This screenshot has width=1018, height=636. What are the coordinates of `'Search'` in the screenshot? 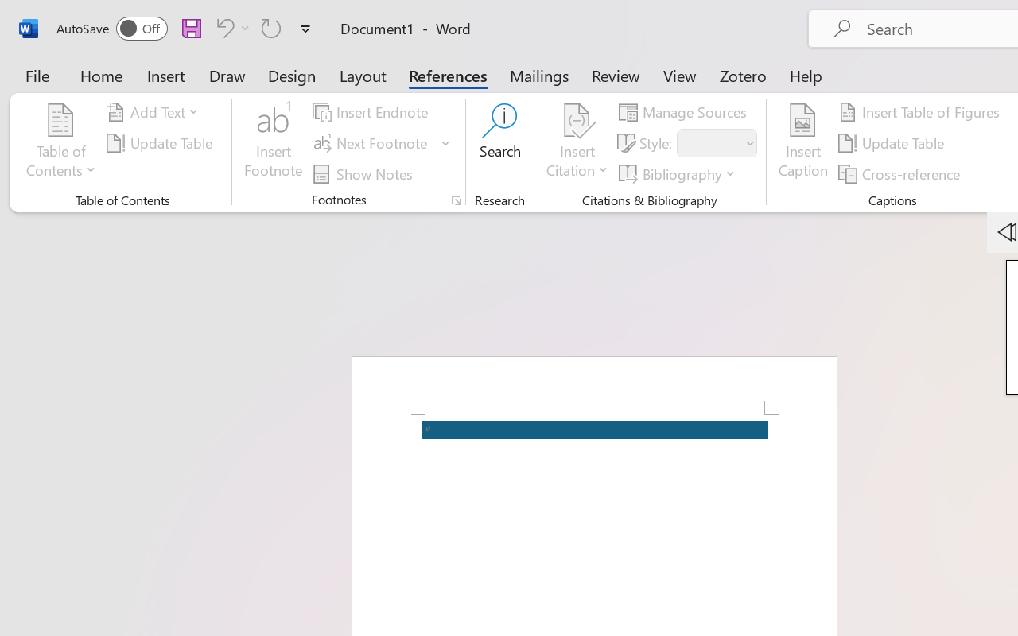 It's located at (499, 142).